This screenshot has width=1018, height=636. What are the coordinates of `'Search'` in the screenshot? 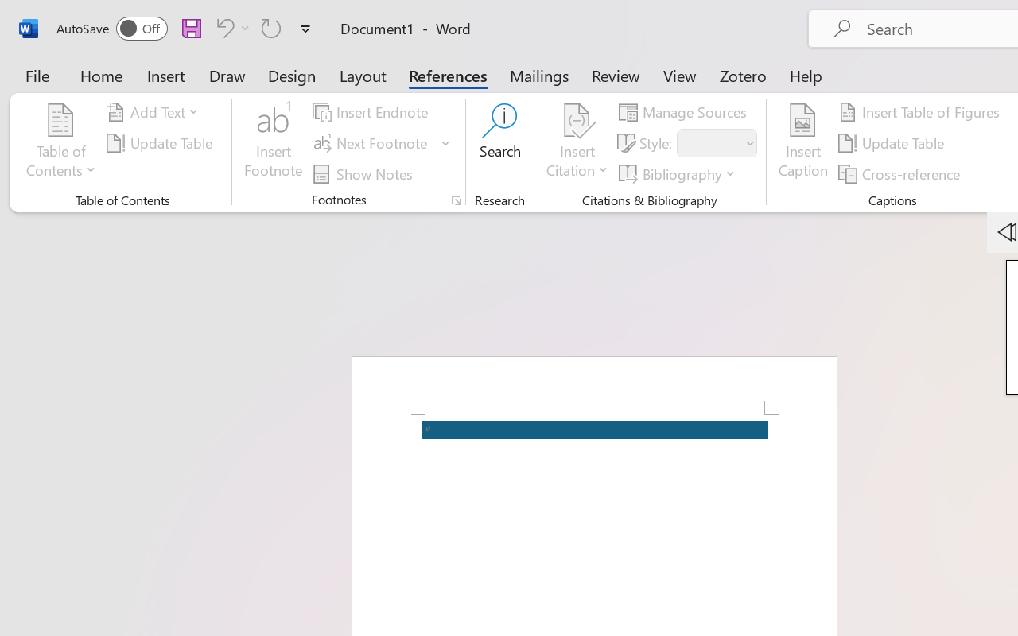 It's located at (499, 142).